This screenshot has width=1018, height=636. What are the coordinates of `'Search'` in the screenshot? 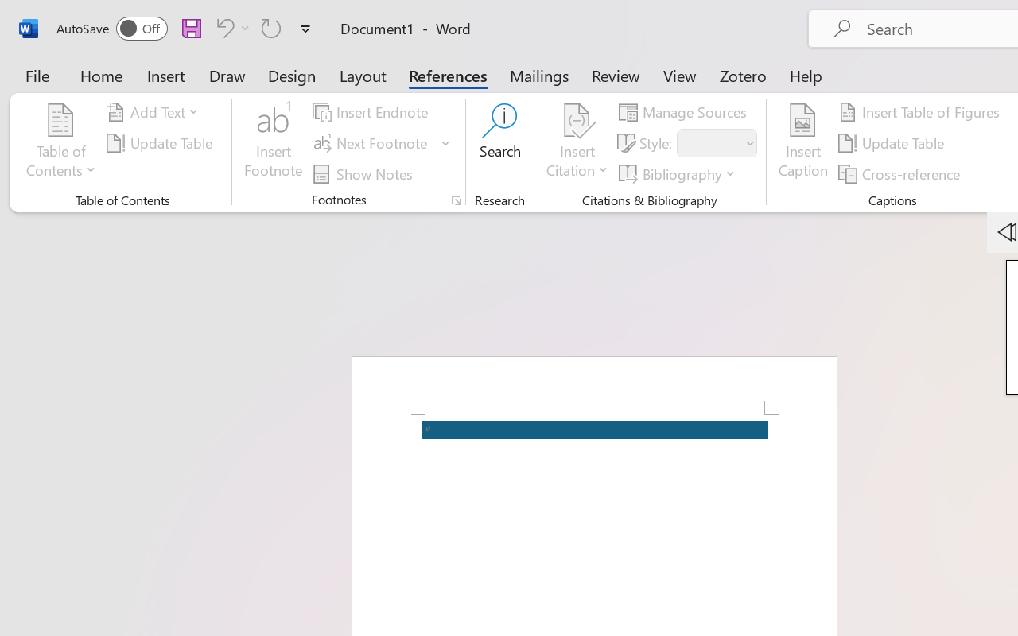 It's located at (499, 142).